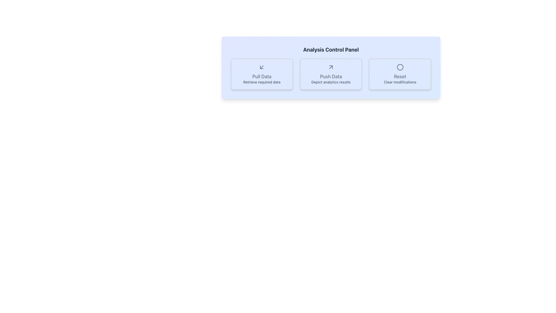 Image resolution: width=556 pixels, height=313 pixels. Describe the element at coordinates (261, 67) in the screenshot. I see `the icon representing the action of pulling or importing data, located on the 'Pull Data' button in the top-left corner of the control panel` at that location.